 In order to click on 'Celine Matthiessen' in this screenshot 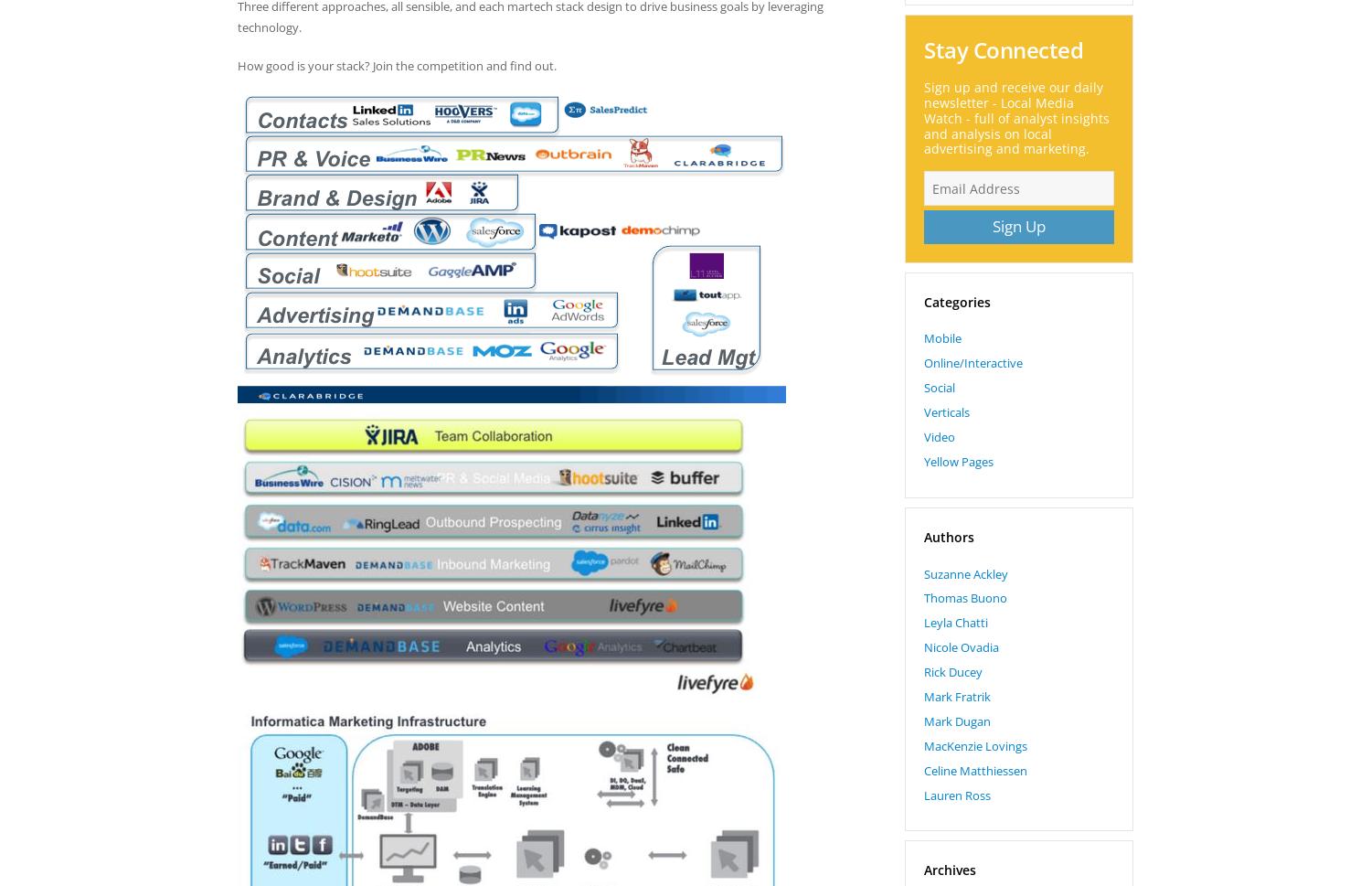, I will do `click(974, 768)`.